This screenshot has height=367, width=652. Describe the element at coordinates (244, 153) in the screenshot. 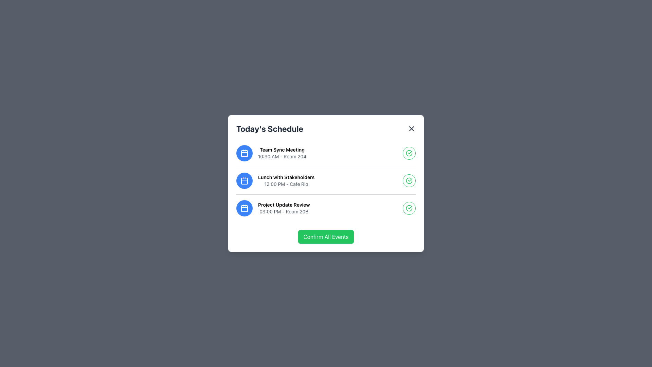

I see `the decorative frame within the calendar icon, which is the leftmost icon in the 'Team Sync Meeting' section of 'Today's Schedule'` at that location.